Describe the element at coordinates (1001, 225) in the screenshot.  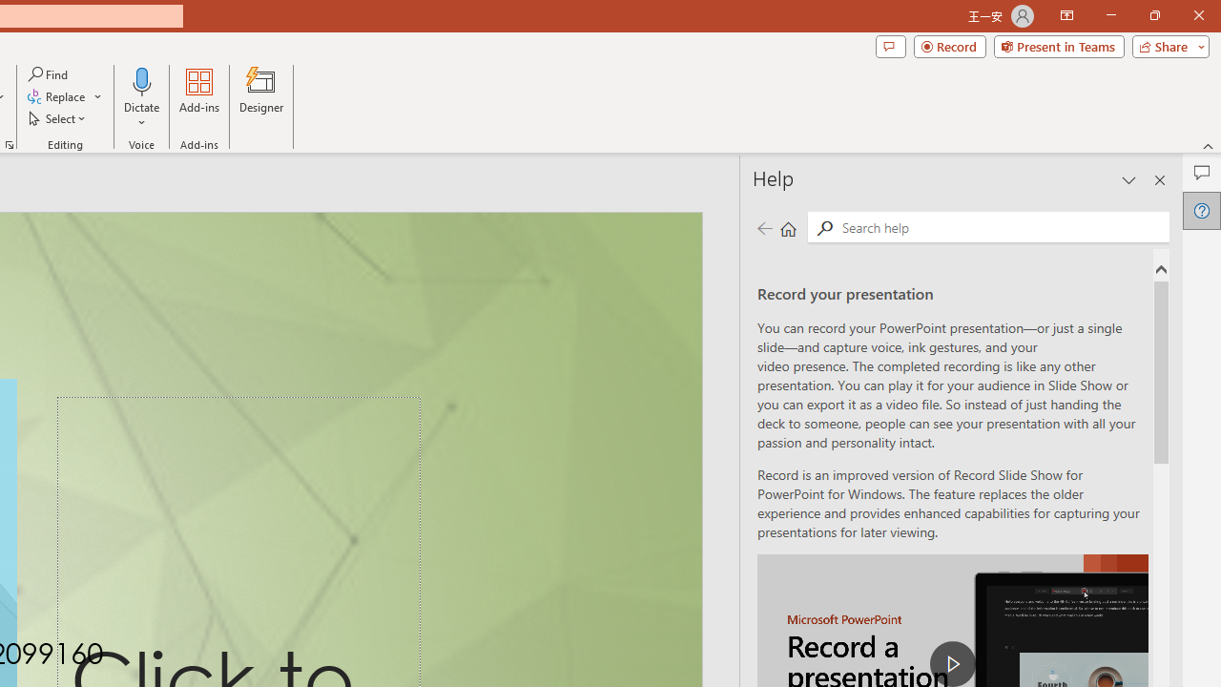
I see `'Search'` at that location.